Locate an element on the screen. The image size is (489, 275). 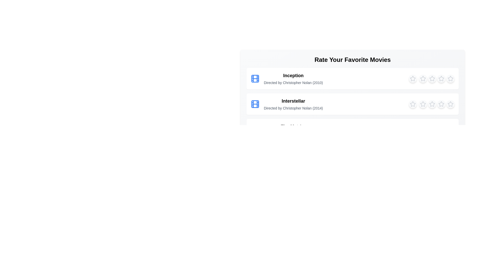
the 3 star to highlight it is located at coordinates (432, 78).